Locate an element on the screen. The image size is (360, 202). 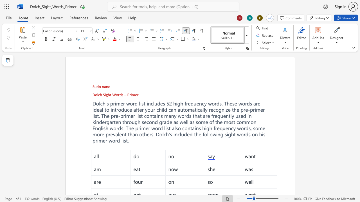
the space between the continuous character "a" and "n" in the text is located at coordinates (171, 115).